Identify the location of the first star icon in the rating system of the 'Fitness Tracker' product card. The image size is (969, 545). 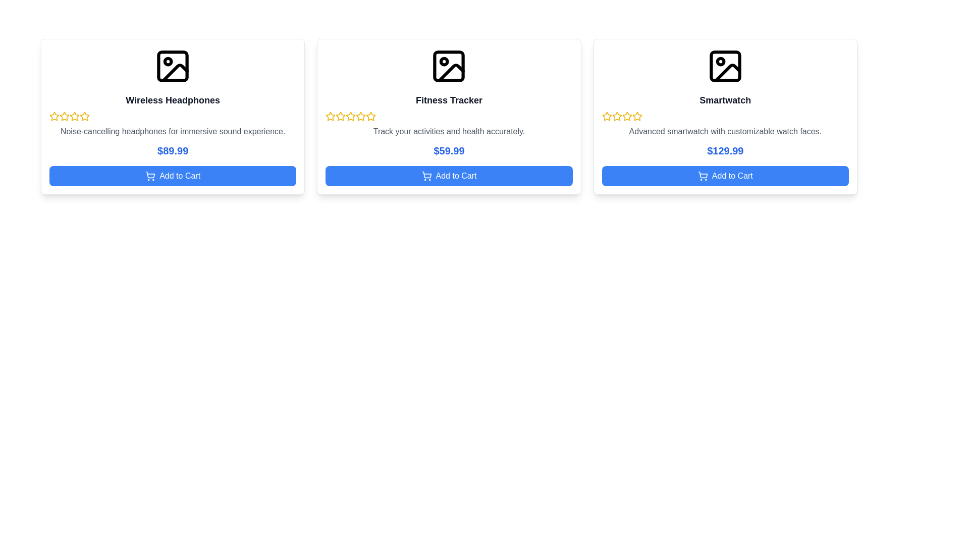
(331, 116).